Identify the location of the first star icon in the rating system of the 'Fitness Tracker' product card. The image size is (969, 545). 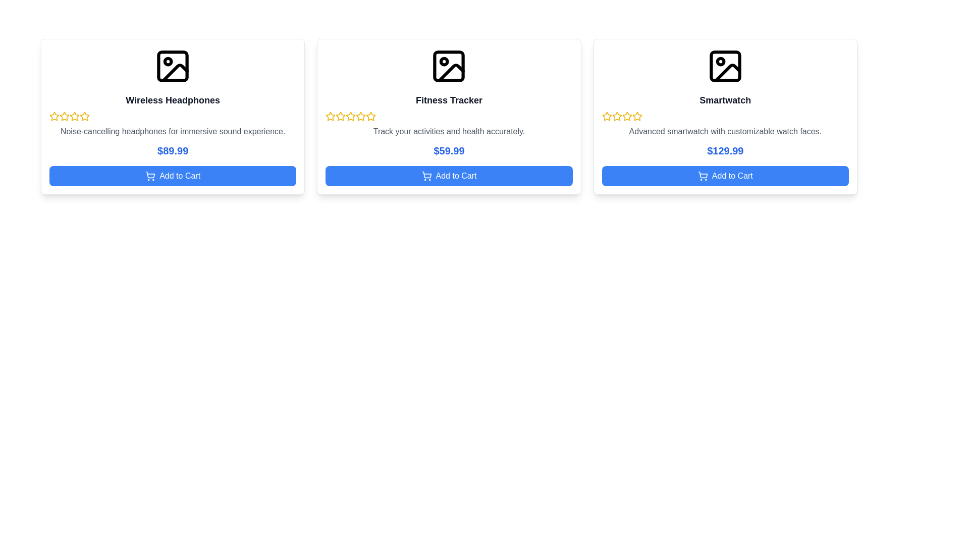
(331, 116).